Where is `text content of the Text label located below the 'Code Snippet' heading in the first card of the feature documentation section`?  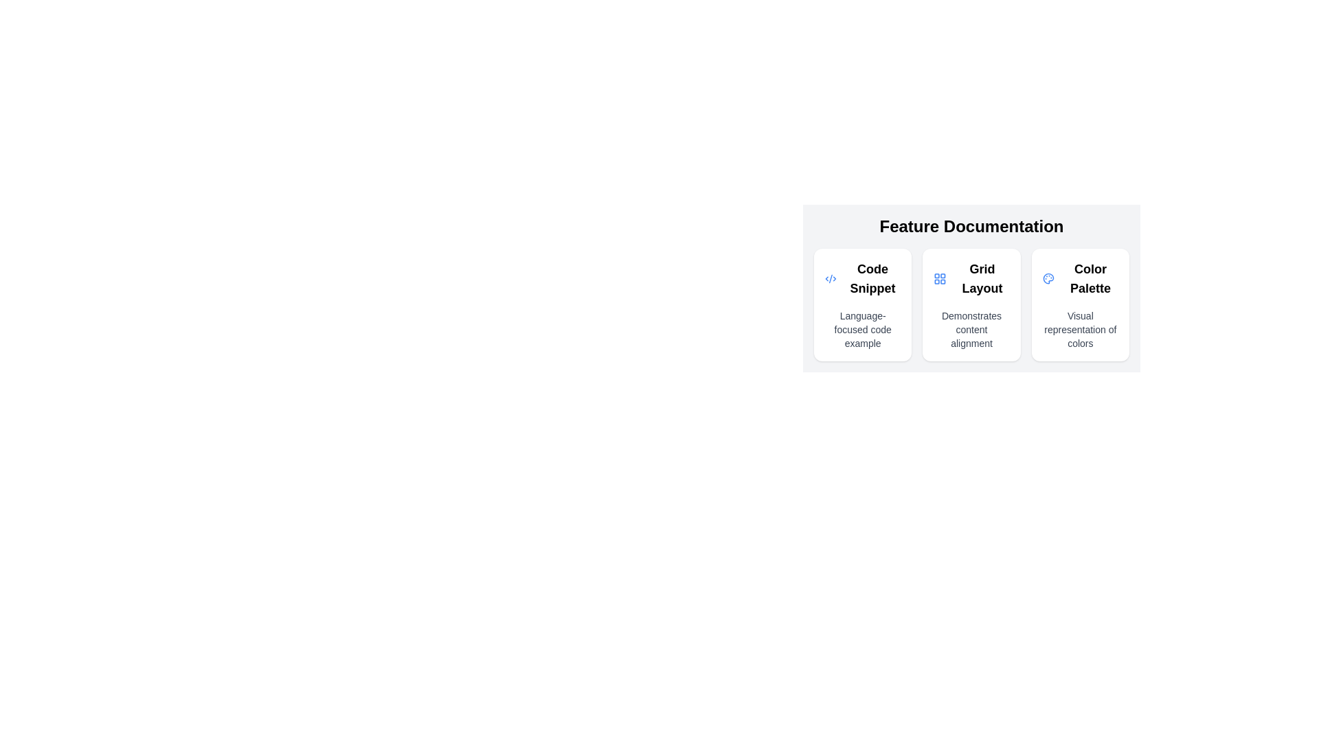
text content of the Text label located below the 'Code Snippet' heading in the first card of the feature documentation section is located at coordinates (862, 329).